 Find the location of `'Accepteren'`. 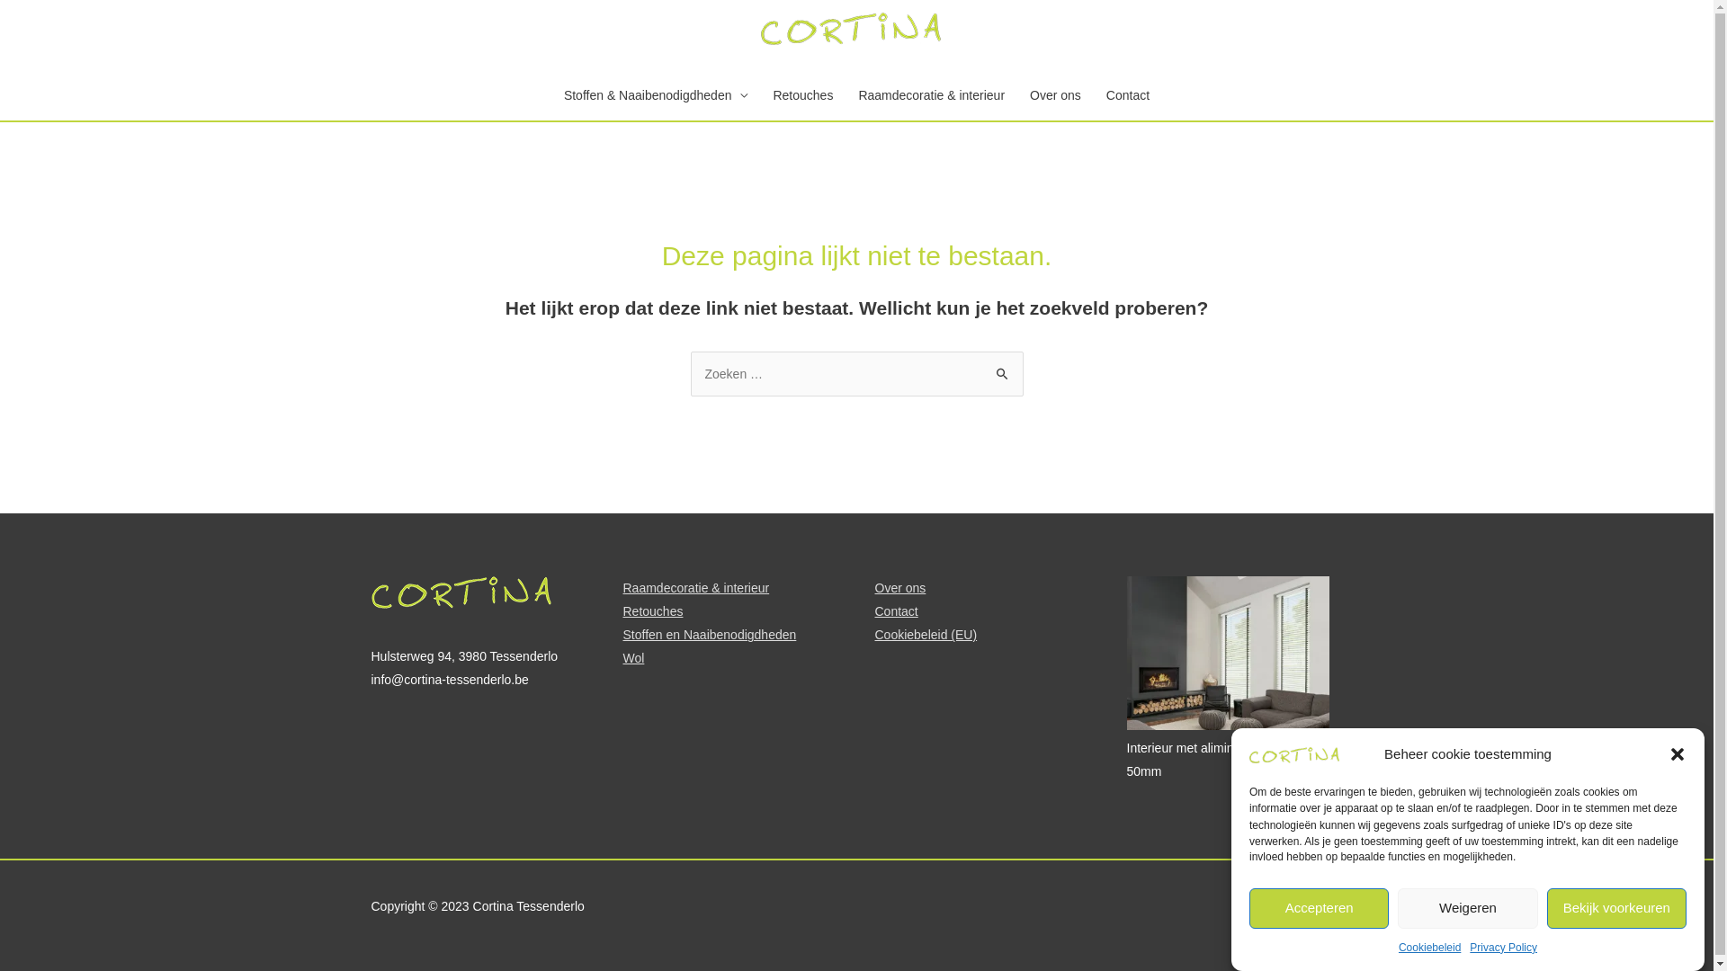

'Accepteren' is located at coordinates (1319, 908).